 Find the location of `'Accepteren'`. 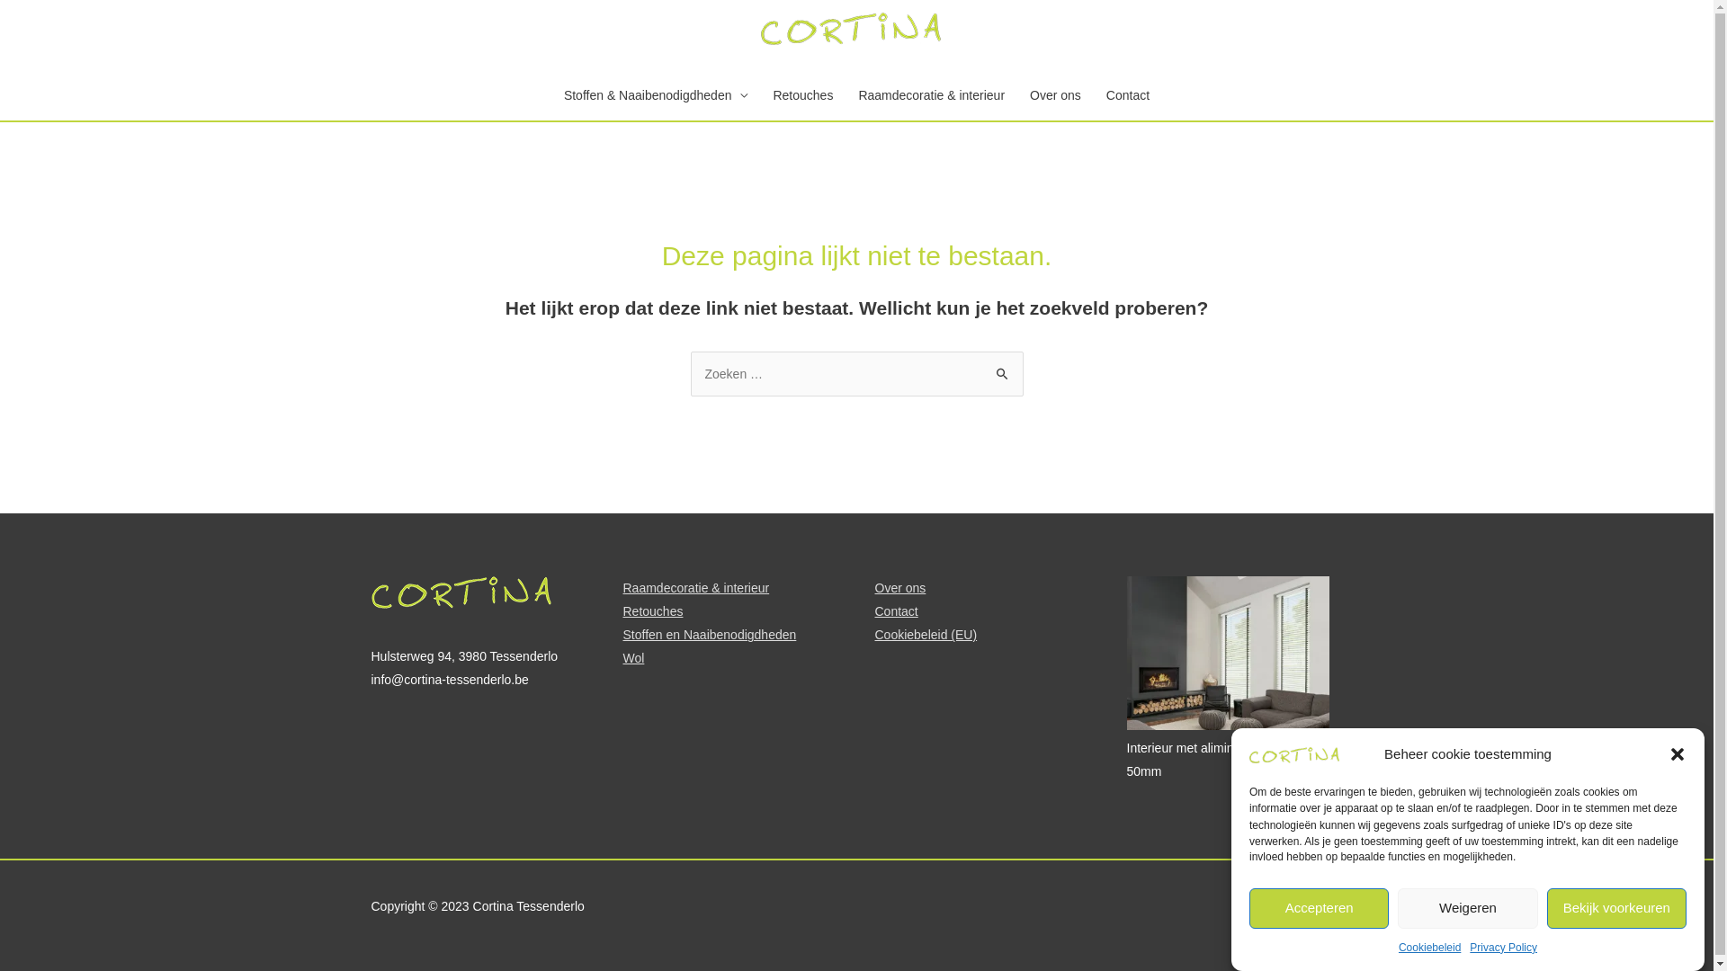

'Accepteren' is located at coordinates (1319, 908).